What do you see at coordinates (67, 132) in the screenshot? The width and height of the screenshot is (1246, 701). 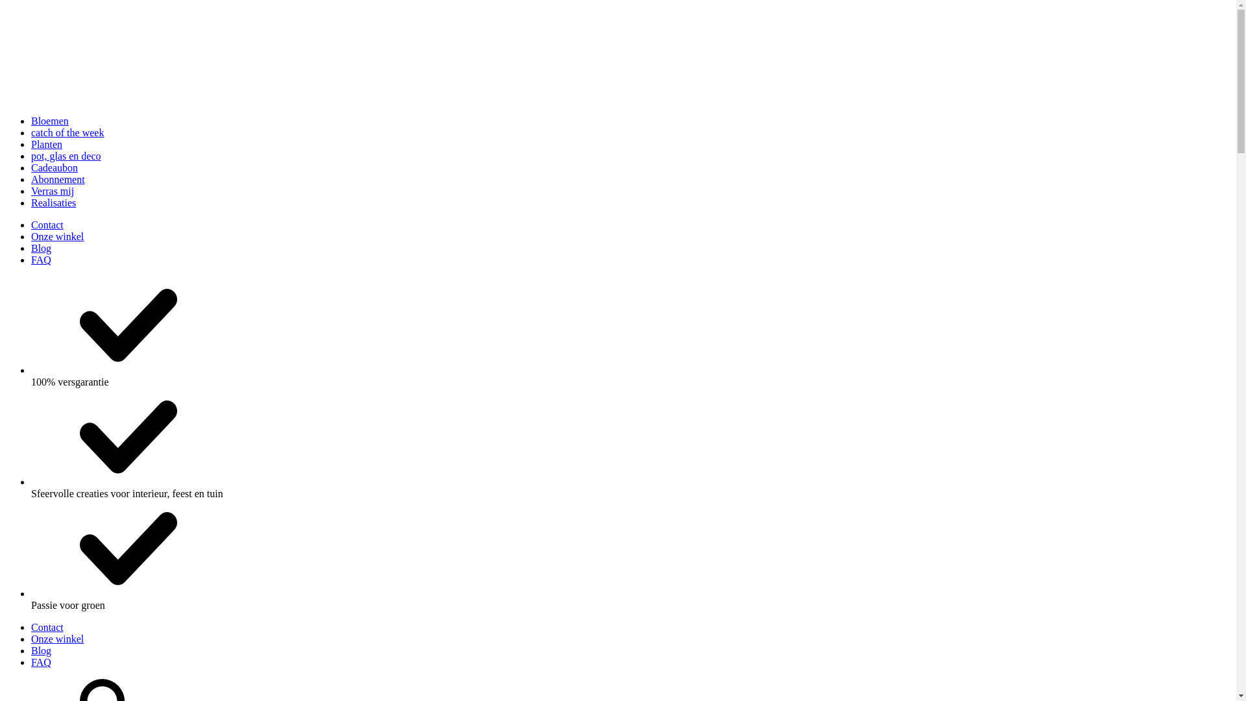 I see `'catch of the week'` at bounding box center [67, 132].